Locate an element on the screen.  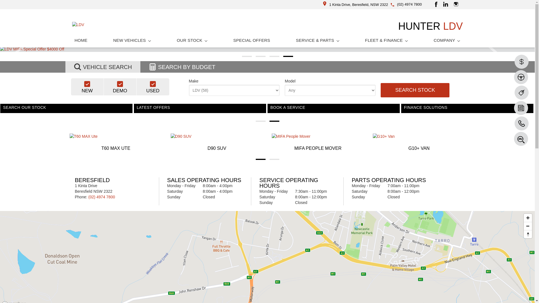
'(02) 4974 7800' is located at coordinates (409, 4).